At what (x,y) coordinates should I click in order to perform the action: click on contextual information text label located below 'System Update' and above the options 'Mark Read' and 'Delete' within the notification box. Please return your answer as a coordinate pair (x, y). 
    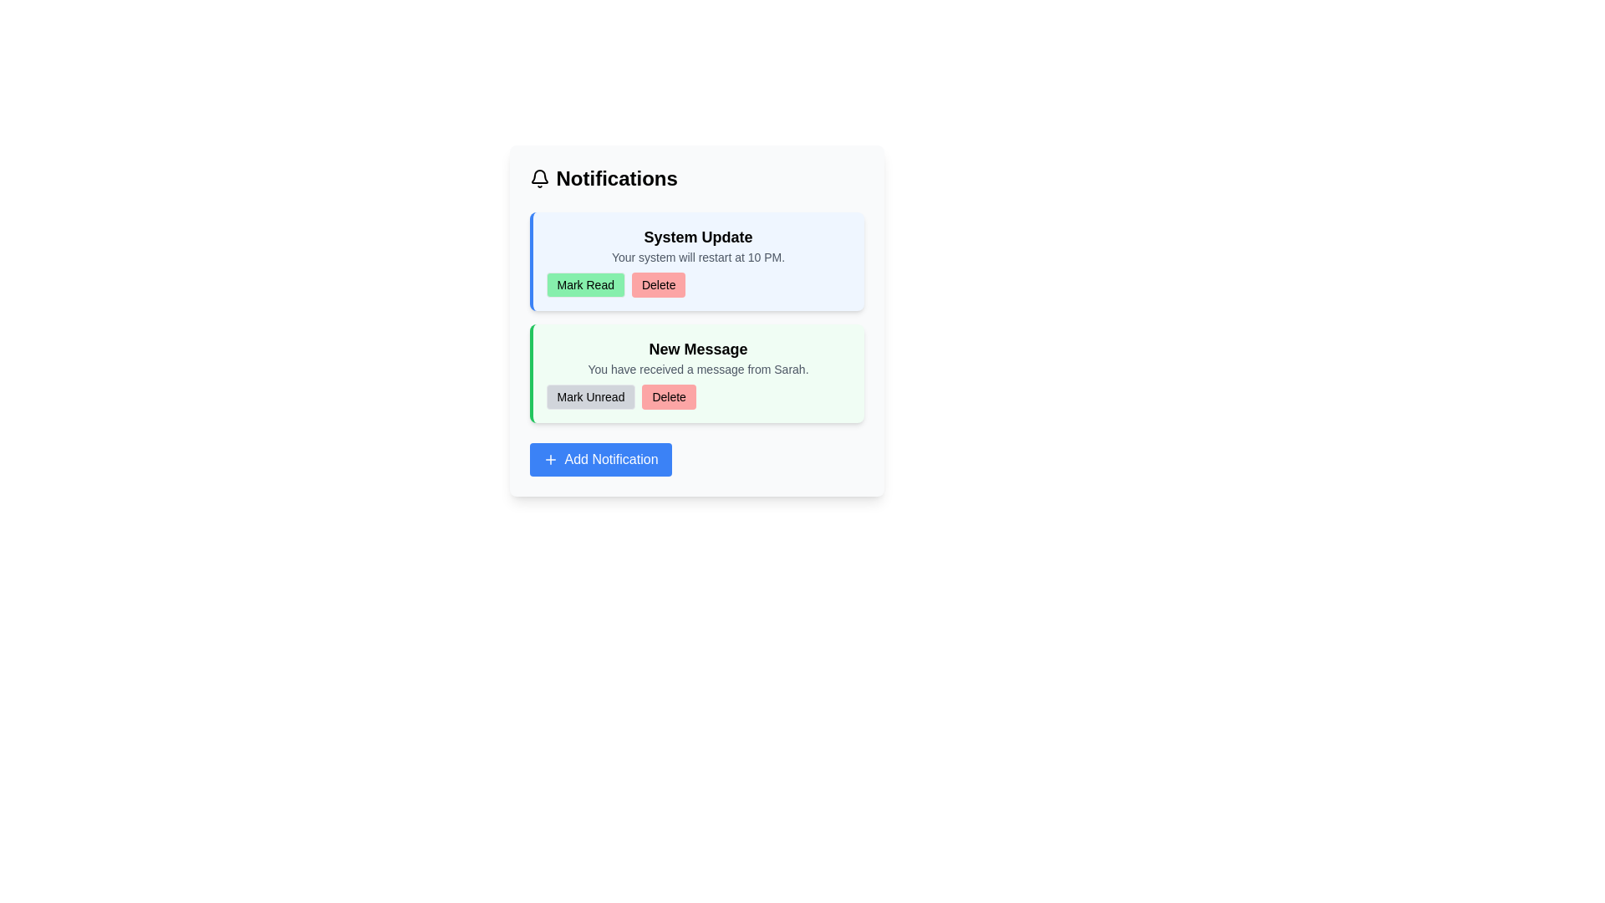
    Looking at the image, I should click on (698, 258).